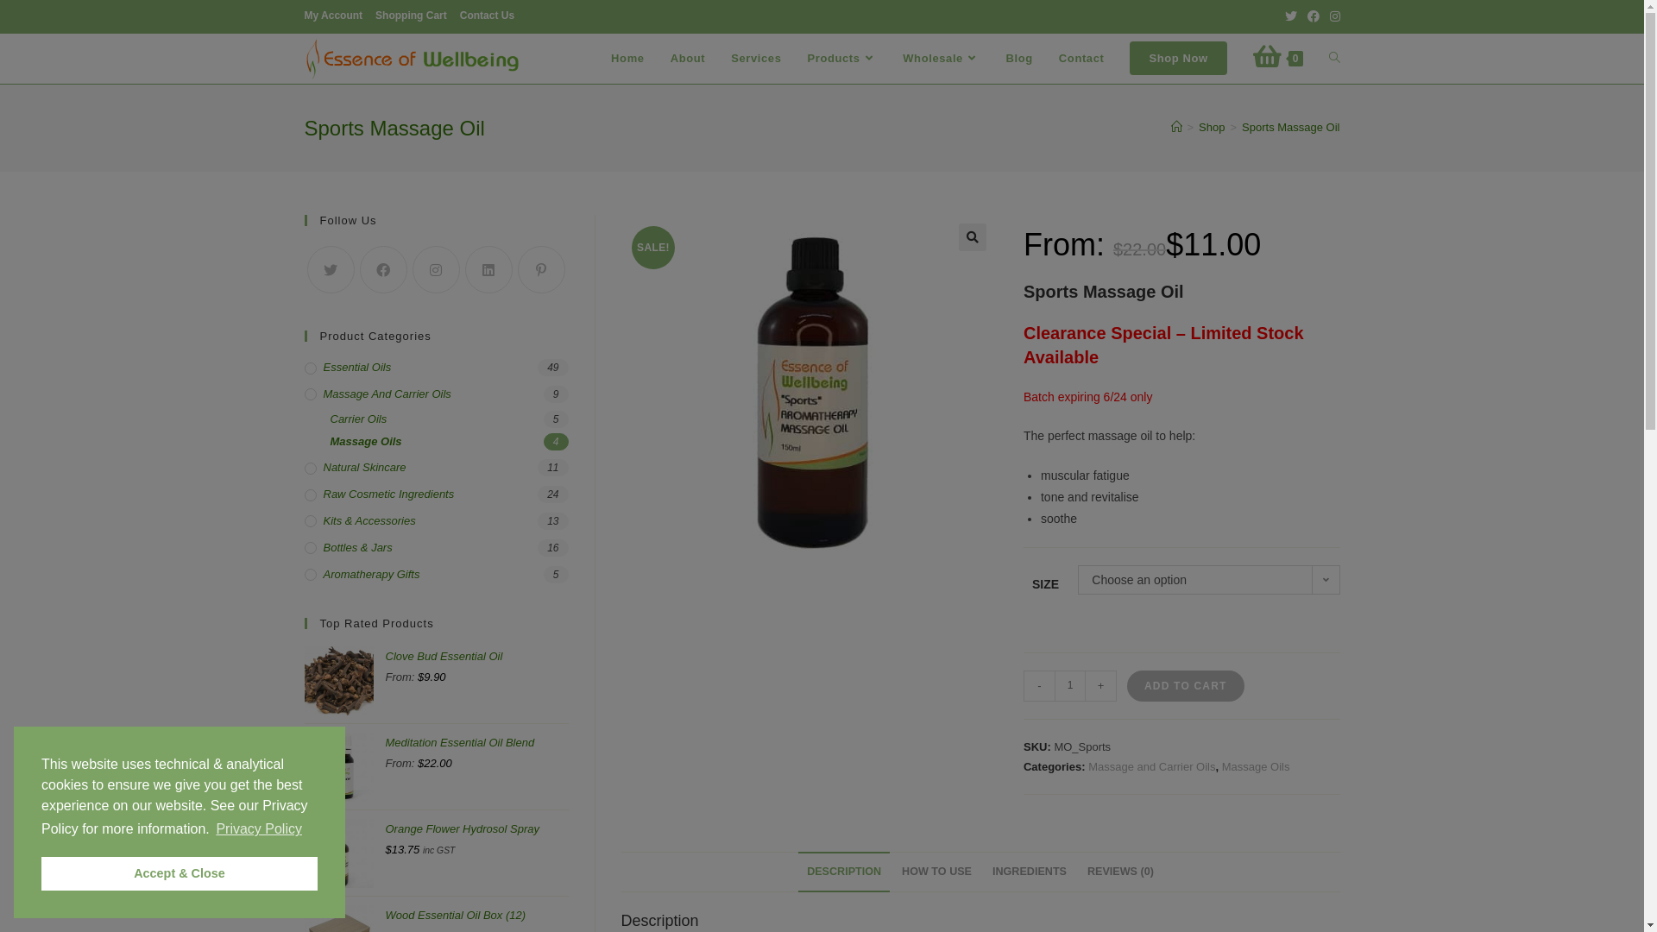 The image size is (1657, 932). What do you see at coordinates (410, 16) in the screenshot?
I see `'Shopping Cart'` at bounding box center [410, 16].